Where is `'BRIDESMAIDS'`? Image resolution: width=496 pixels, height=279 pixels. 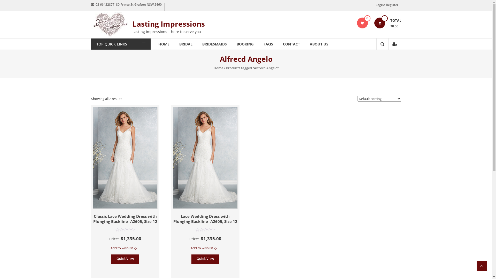 'BRIDESMAIDS' is located at coordinates (214, 44).